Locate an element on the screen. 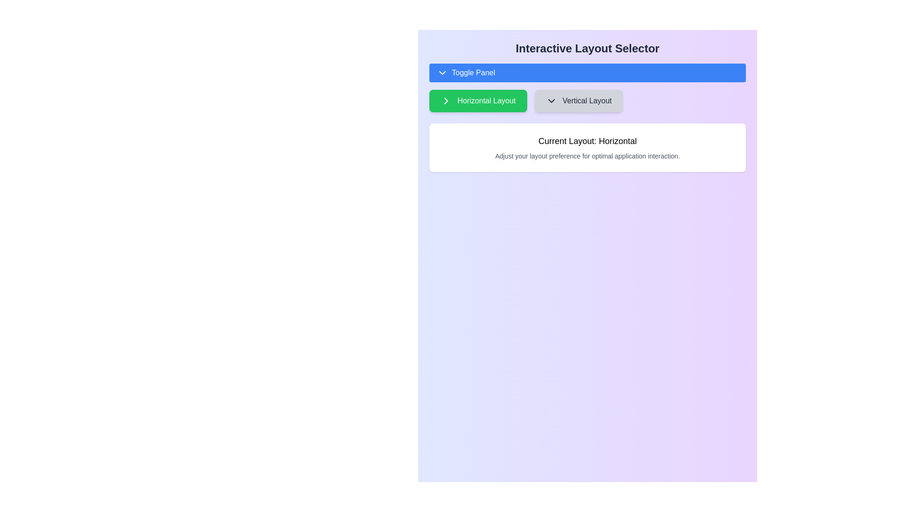 The height and width of the screenshot is (505, 899). the 'Toggle Panel' button to toggle the visibility of the panel is located at coordinates (587, 72).